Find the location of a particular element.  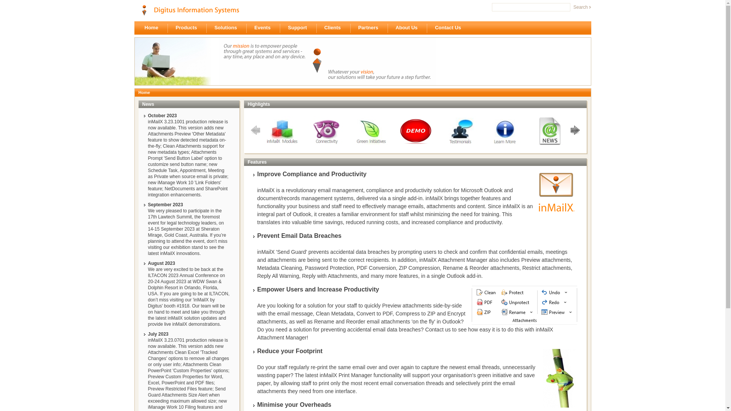

'Reduce your Footprint' is located at coordinates (290, 351).